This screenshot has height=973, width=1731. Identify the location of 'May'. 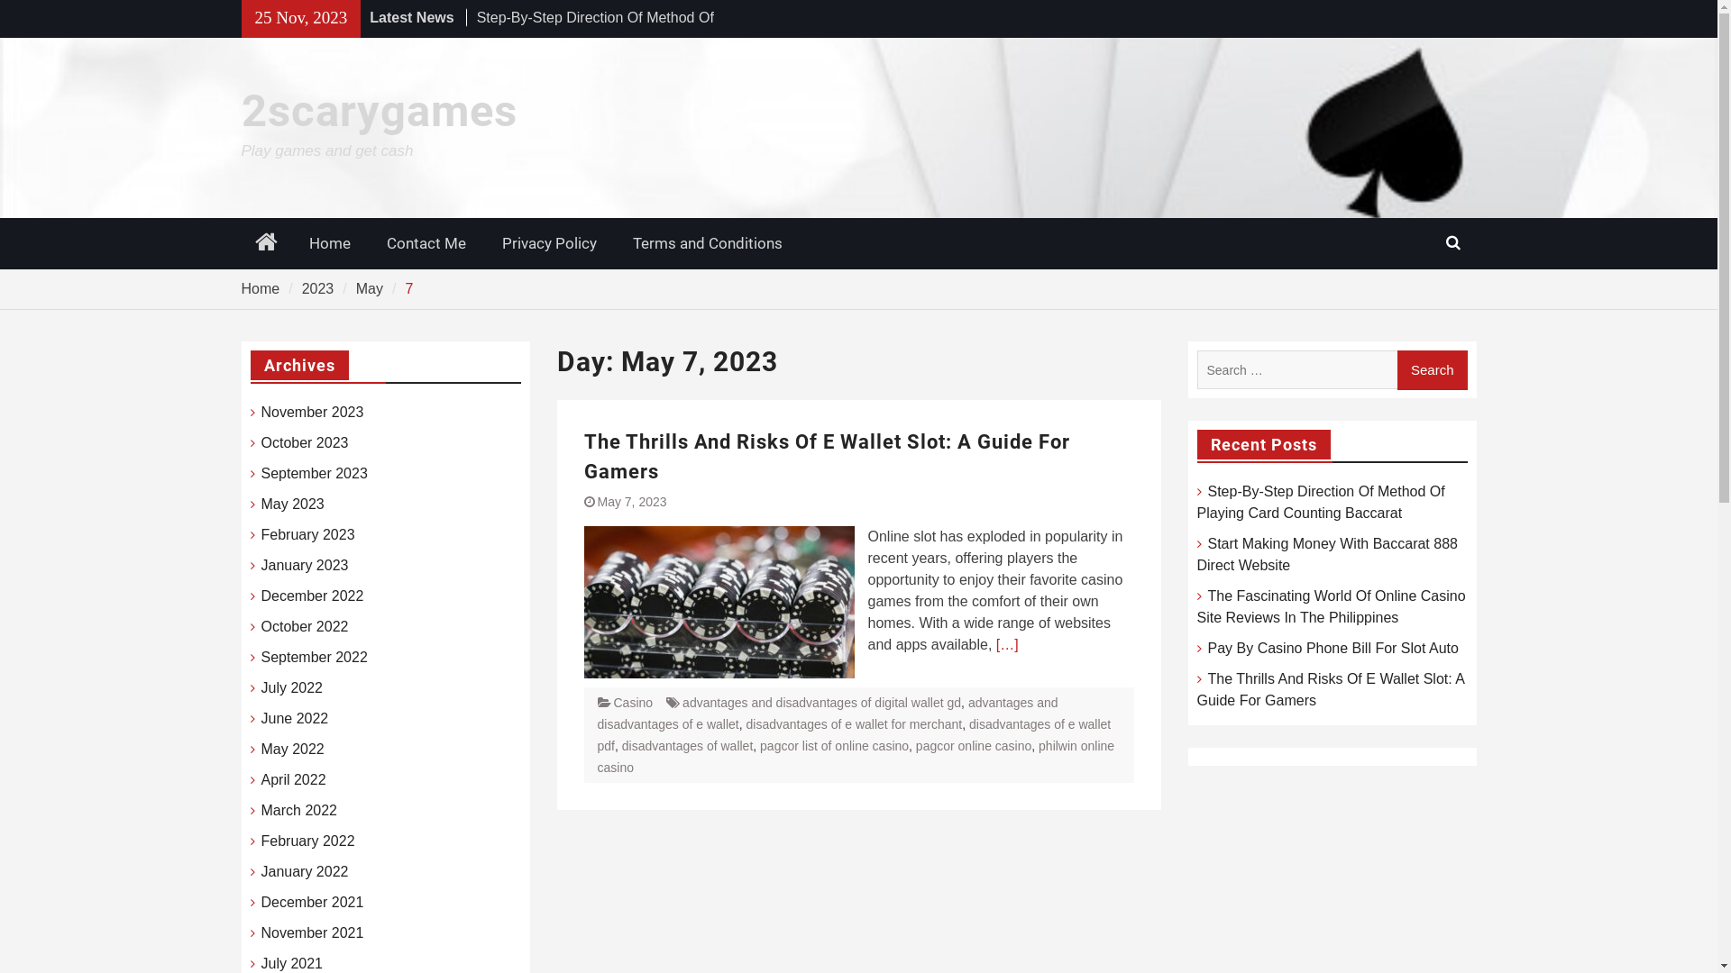
(368, 287).